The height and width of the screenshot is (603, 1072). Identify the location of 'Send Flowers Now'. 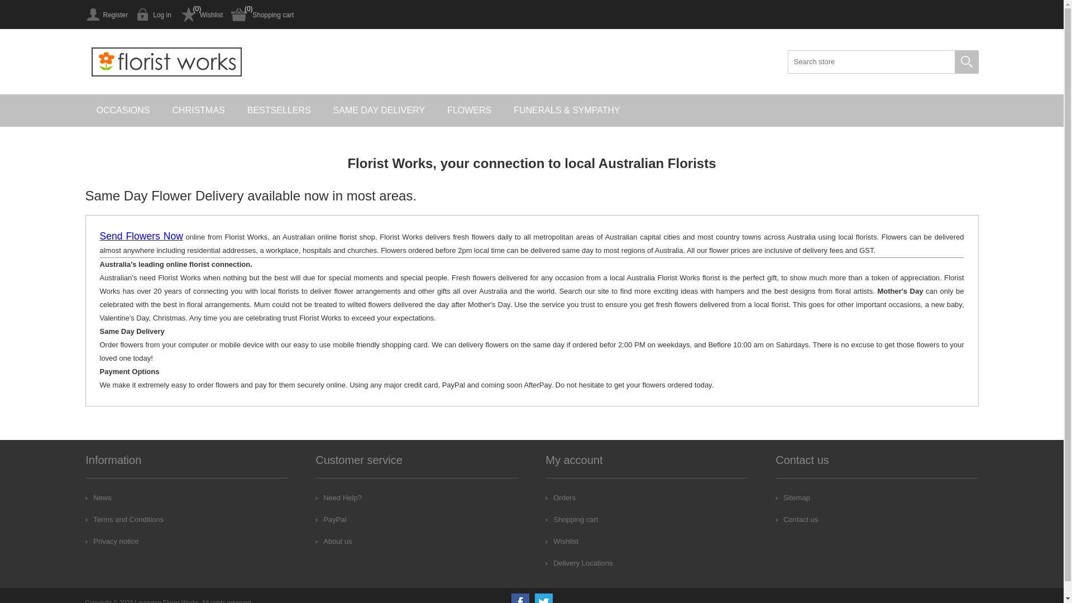
(140, 236).